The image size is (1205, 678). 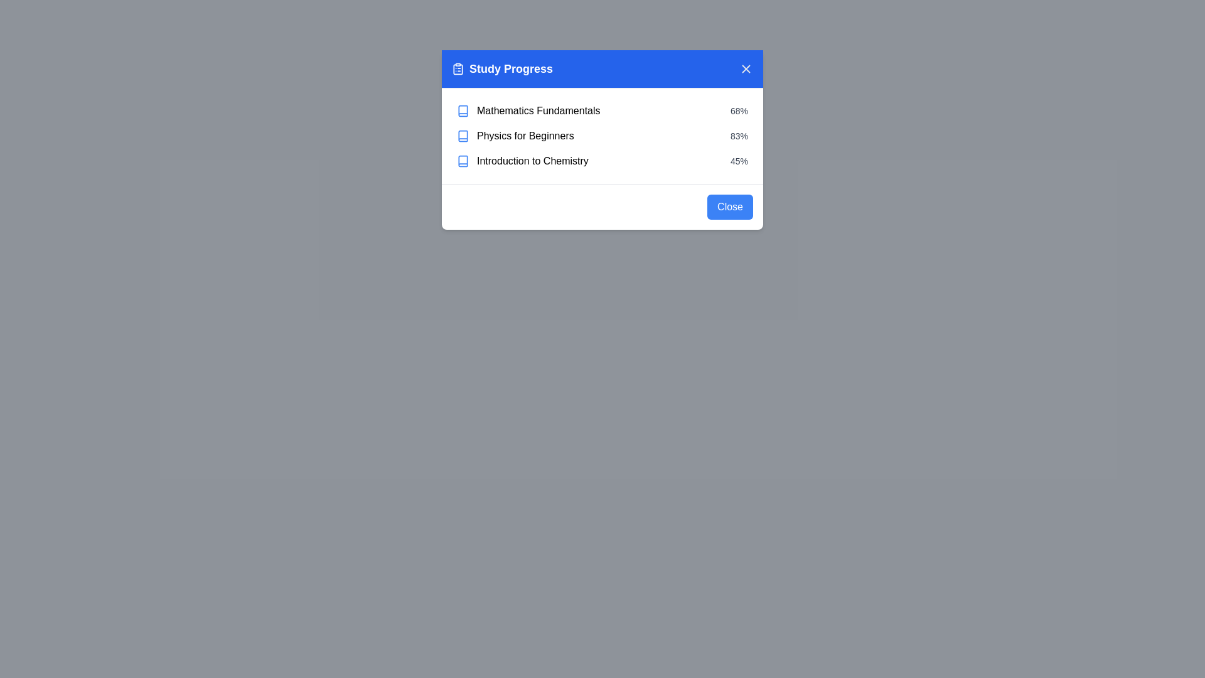 What do you see at coordinates (739, 110) in the screenshot?
I see `the text label displaying '68%' which is aligned to the right of 'Mathematics Fundamentals' in gray color` at bounding box center [739, 110].